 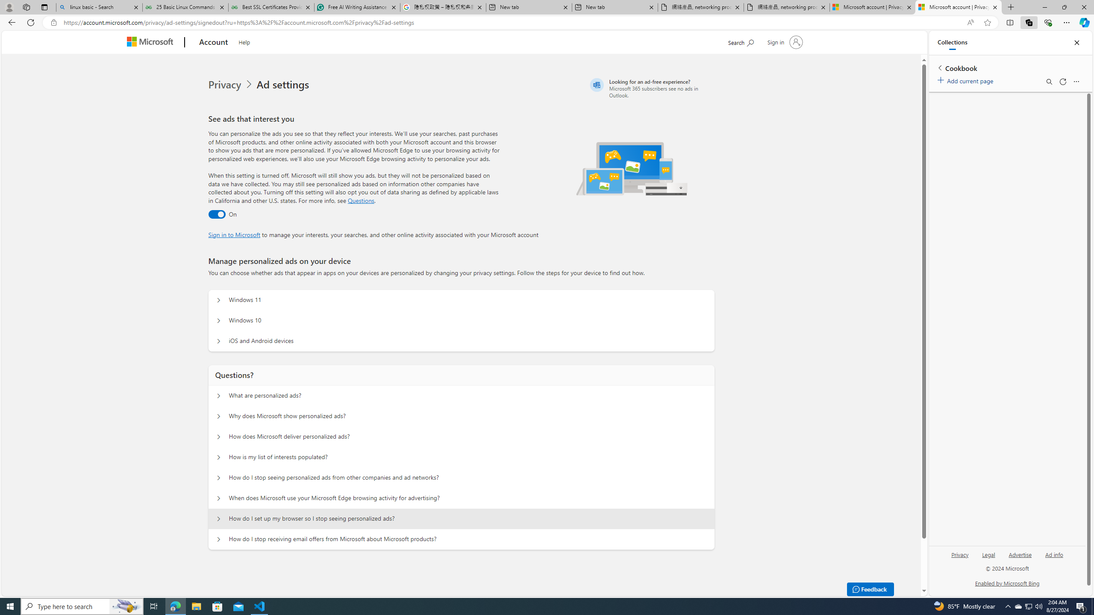 I want to click on 'More options menu', so click(x=1076, y=82).